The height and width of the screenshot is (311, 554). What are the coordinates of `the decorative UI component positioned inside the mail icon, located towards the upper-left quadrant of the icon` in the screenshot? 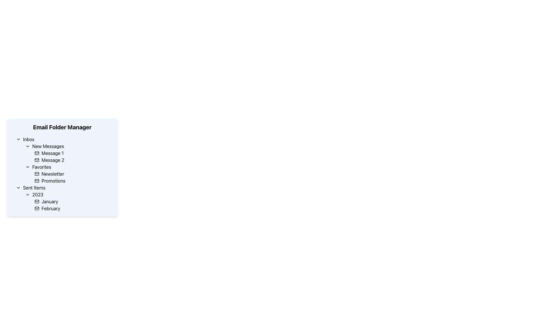 It's located at (37, 208).